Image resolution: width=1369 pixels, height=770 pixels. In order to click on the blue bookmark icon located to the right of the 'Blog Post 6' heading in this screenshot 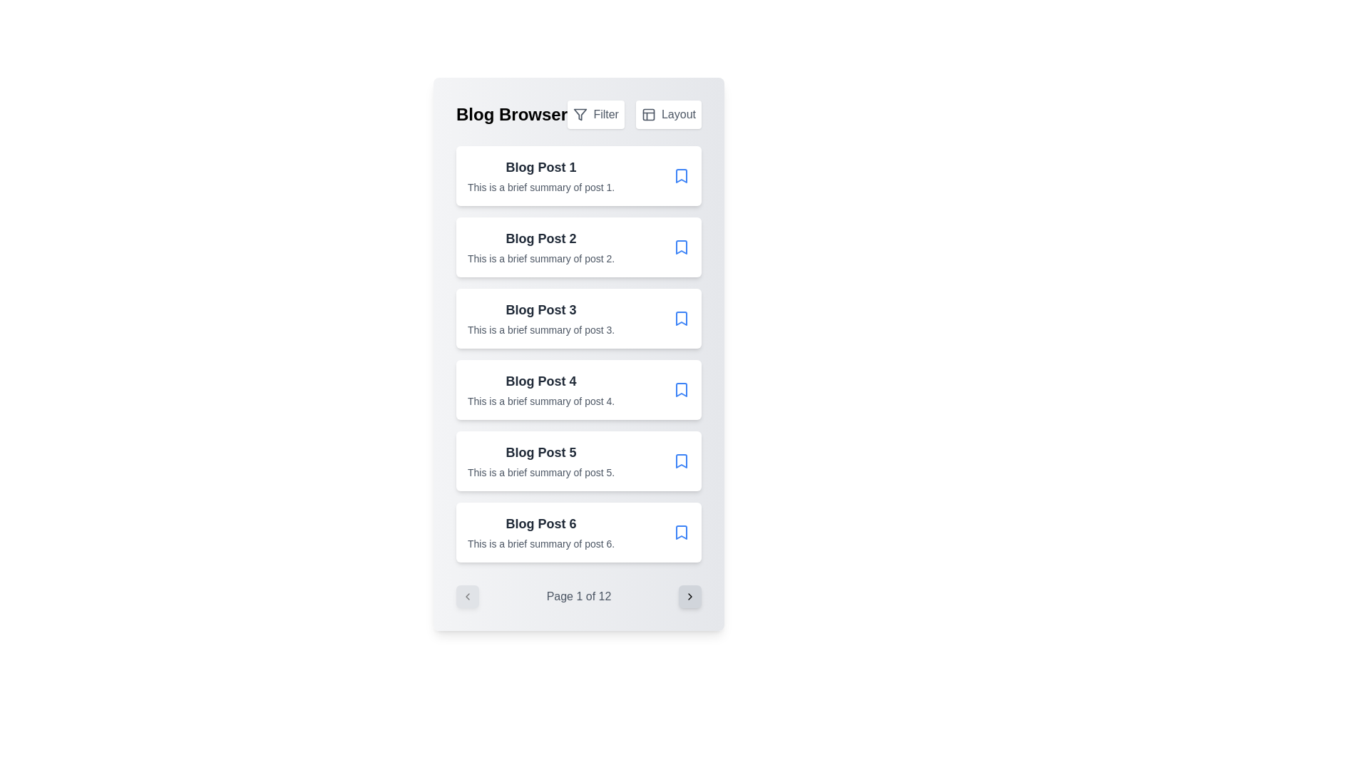, I will do `click(680, 533)`.